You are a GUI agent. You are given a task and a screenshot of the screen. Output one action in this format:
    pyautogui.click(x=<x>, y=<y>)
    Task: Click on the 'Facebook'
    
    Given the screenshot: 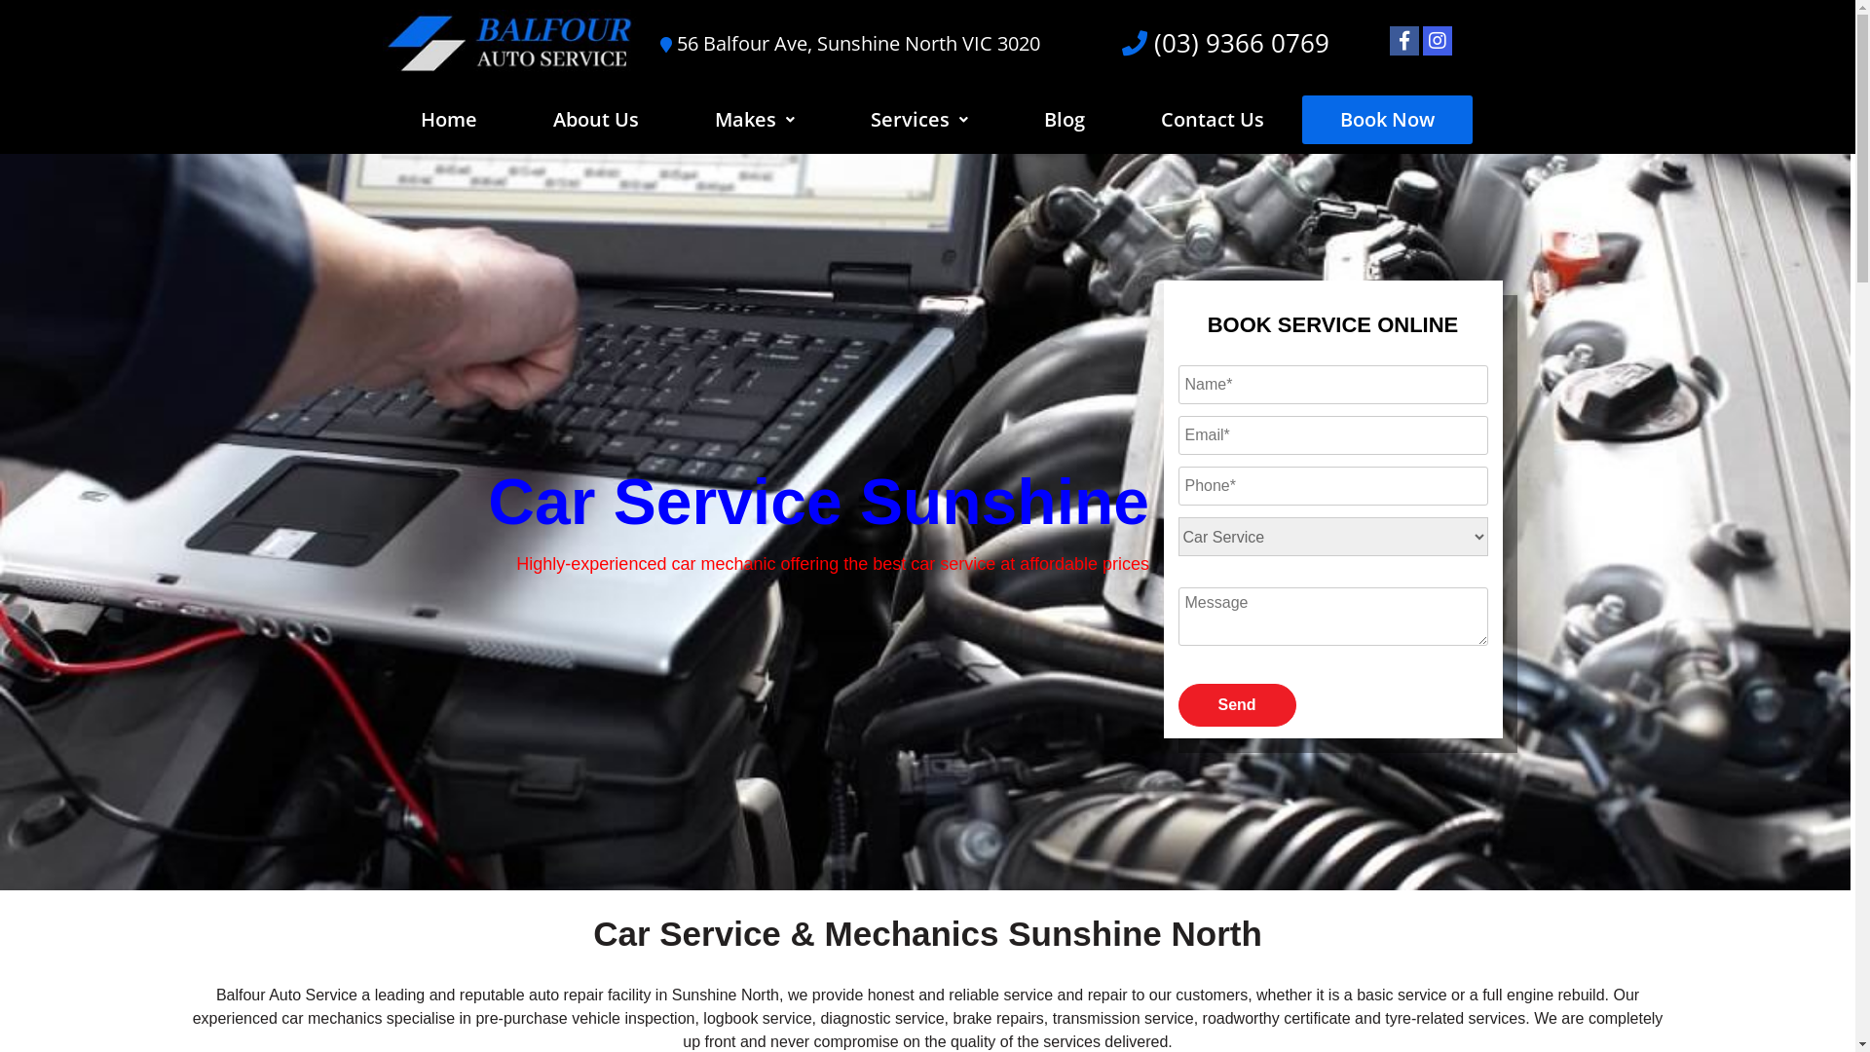 What is the action you would take?
    pyautogui.click(x=1403, y=41)
    